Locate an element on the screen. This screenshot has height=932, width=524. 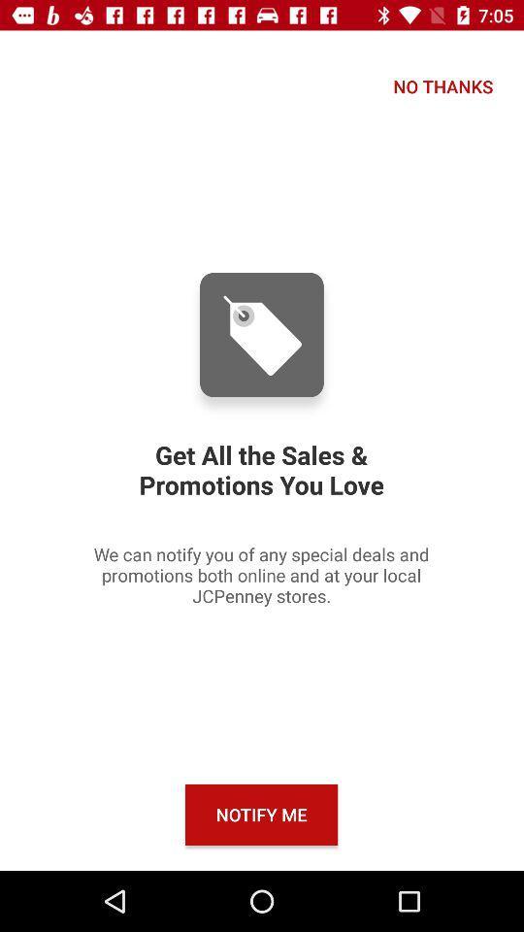
the no thanks icon is located at coordinates (442, 86).